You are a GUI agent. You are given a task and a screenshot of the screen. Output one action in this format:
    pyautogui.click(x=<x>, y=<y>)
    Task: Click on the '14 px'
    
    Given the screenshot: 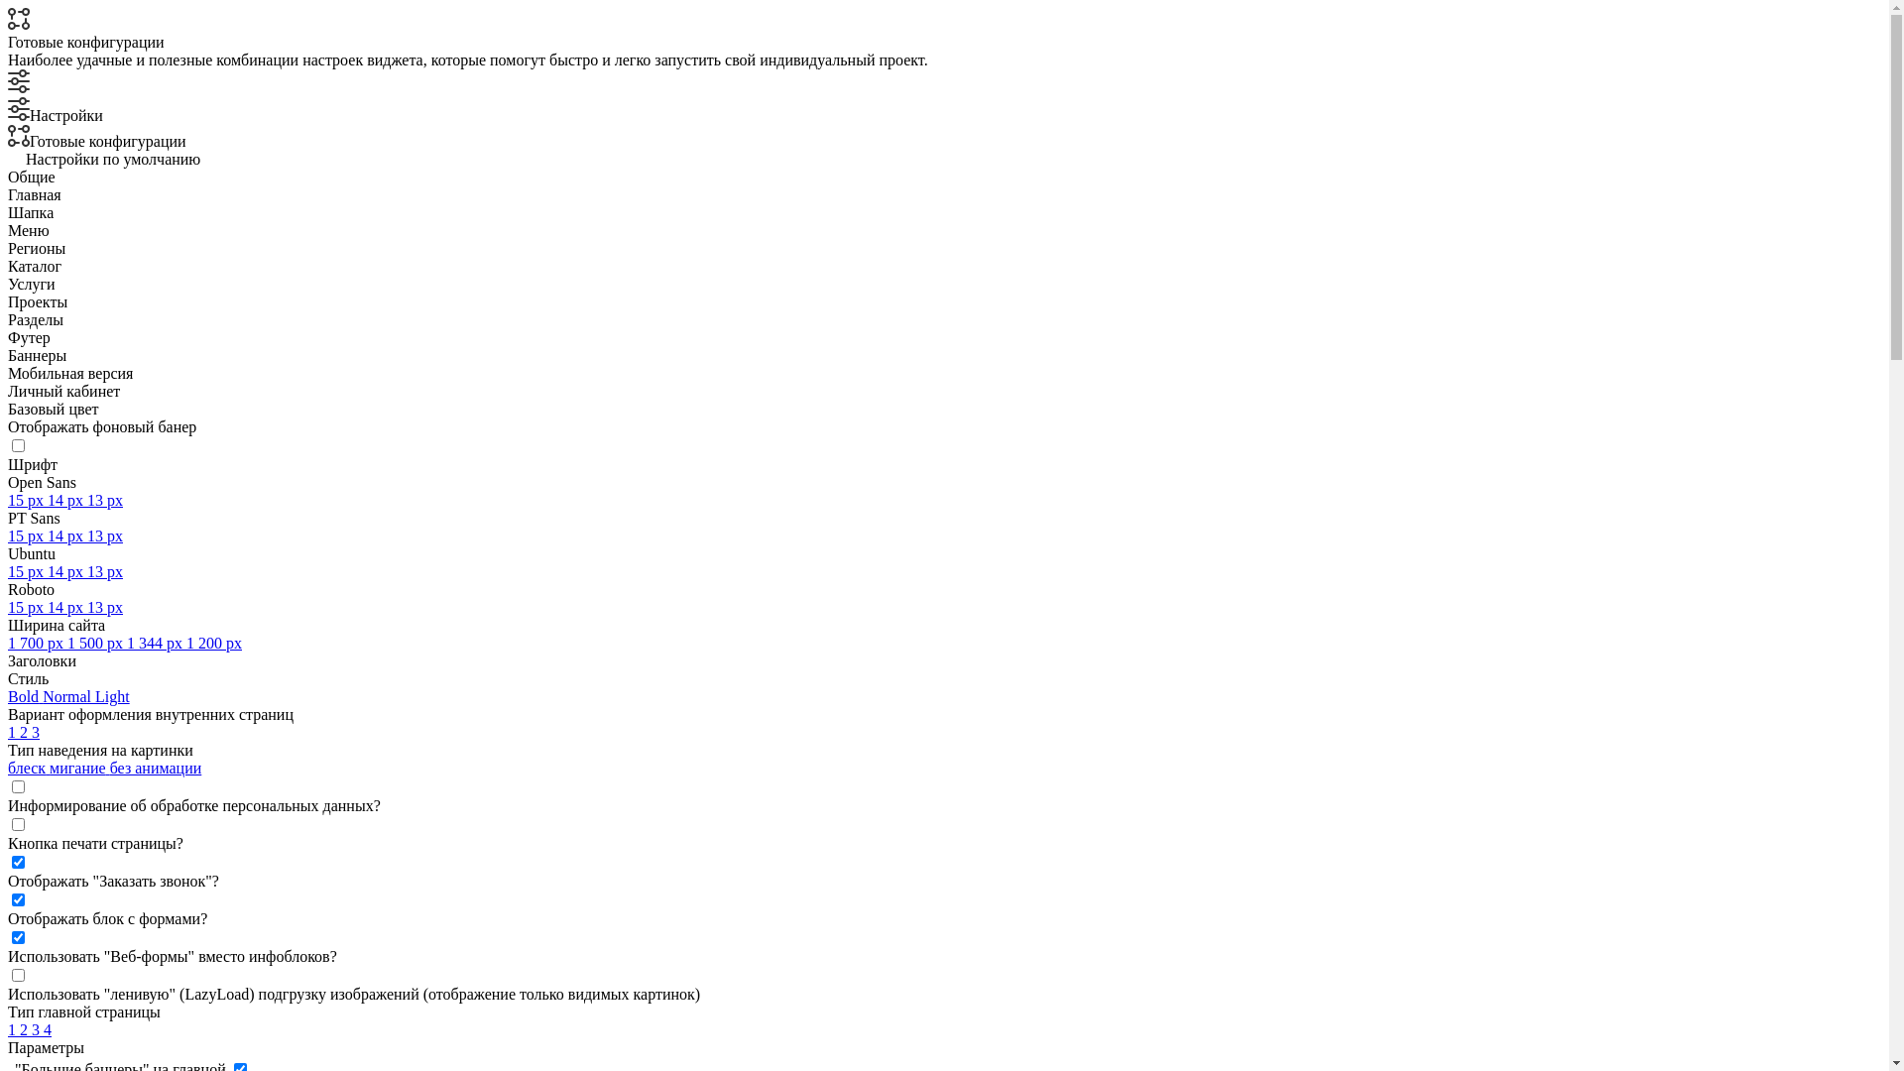 What is the action you would take?
    pyautogui.click(x=66, y=535)
    